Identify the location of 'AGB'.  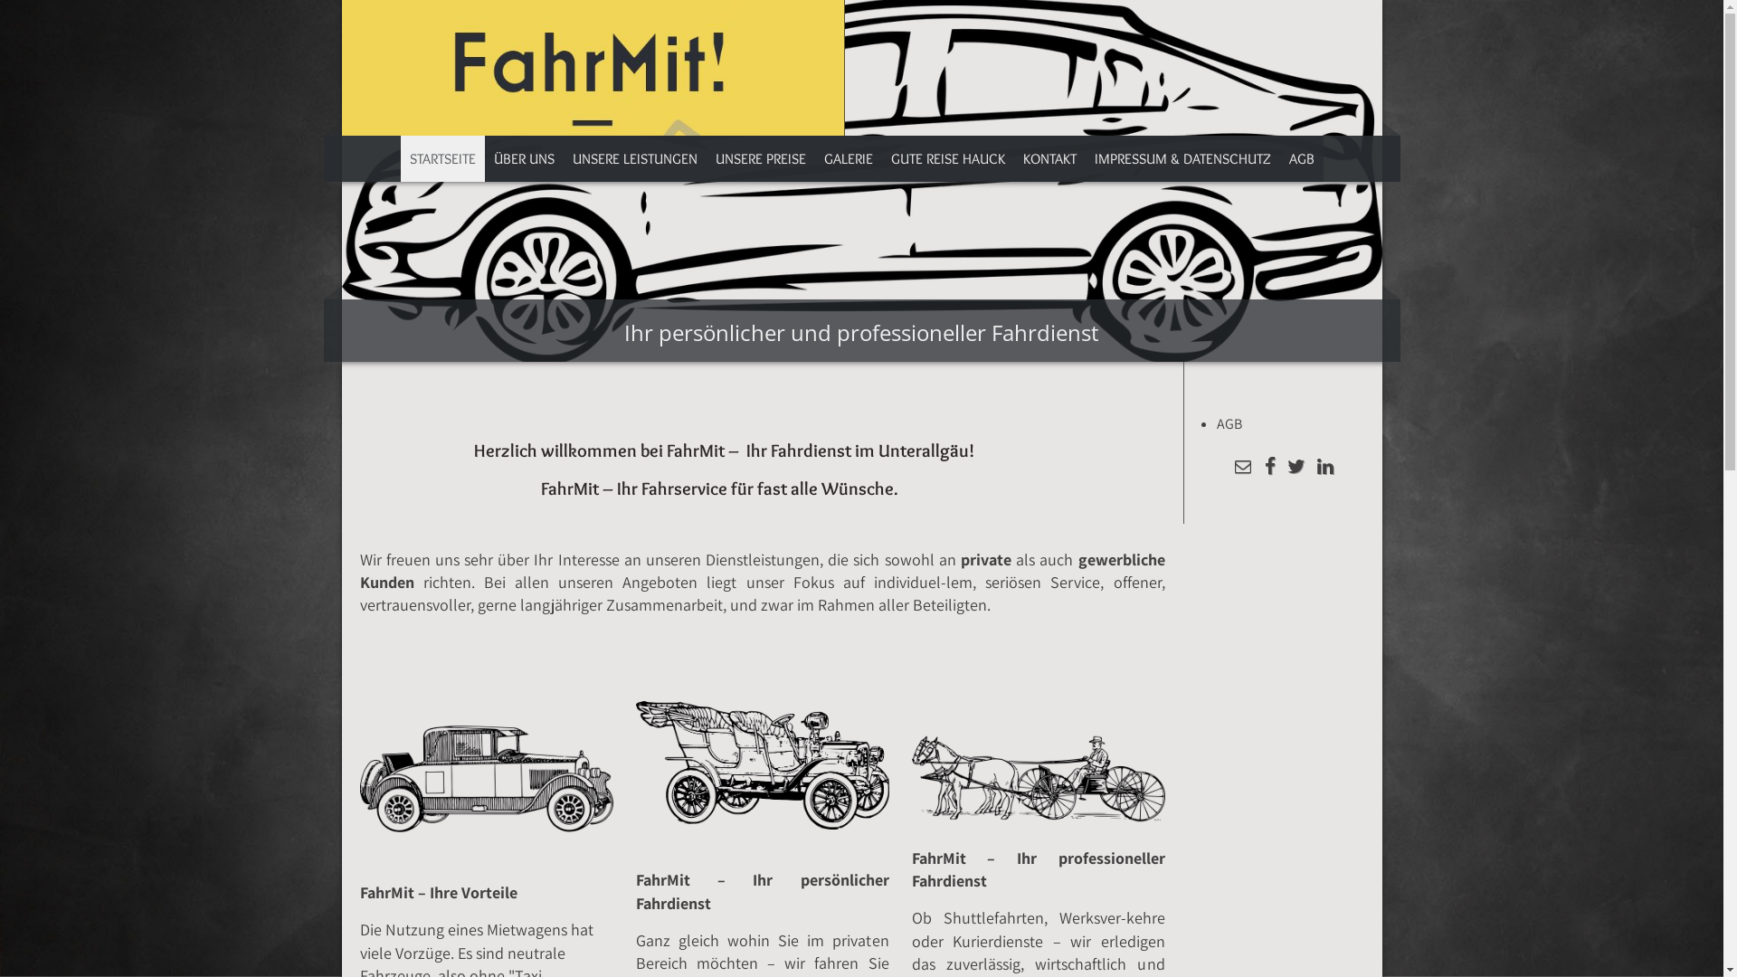
(1300, 157).